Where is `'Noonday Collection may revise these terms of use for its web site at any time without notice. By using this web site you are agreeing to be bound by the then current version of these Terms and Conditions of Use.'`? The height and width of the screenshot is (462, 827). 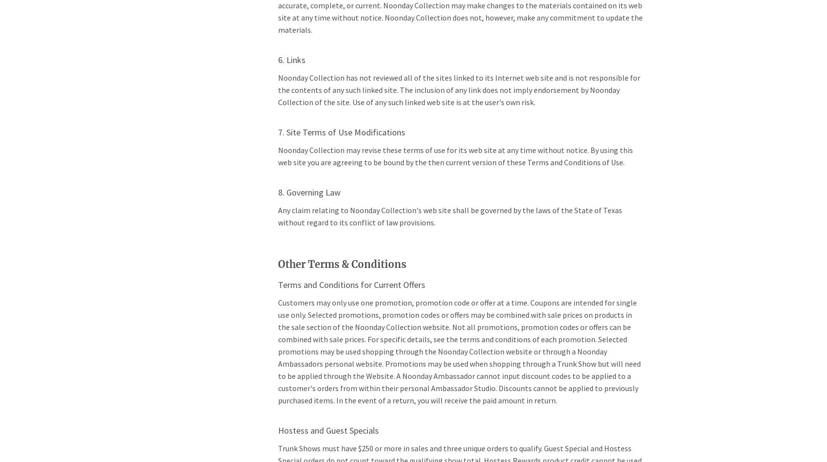
'Noonday Collection may revise these terms of use for its web site at any time without notice. By using this web site you are agreeing to be bound by the then current version of these Terms and Conditions of Use.' is located at coordinates (455, 156).